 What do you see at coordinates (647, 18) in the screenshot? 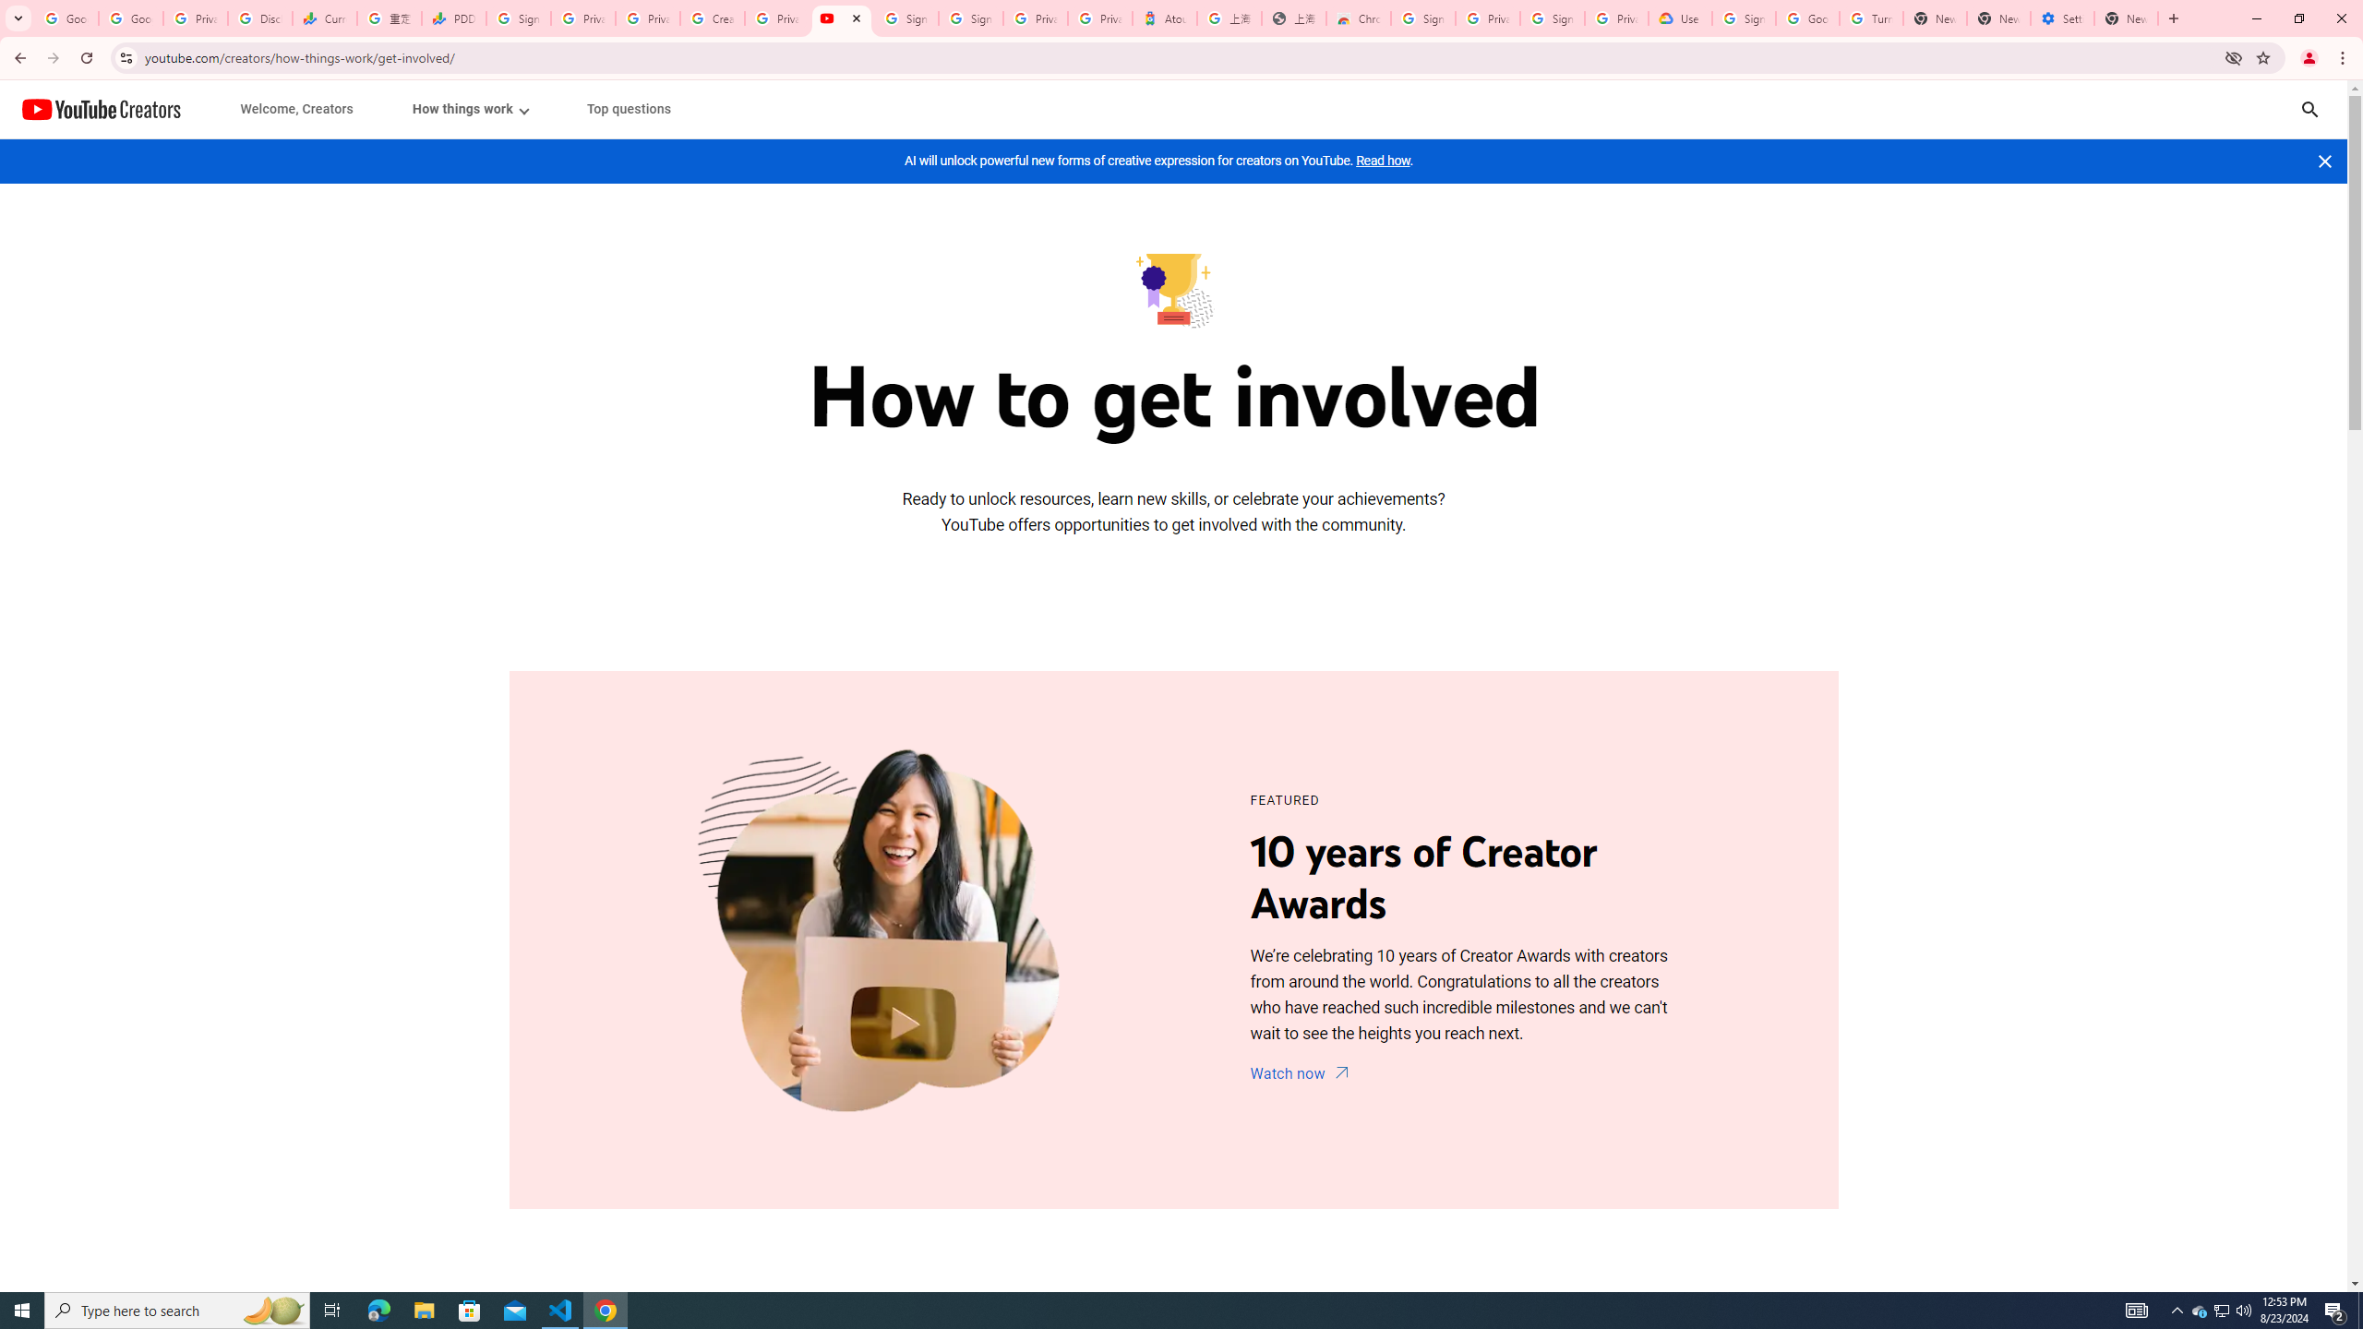
I see `'Privacy Checkup'` at bounding box center [647, 18].